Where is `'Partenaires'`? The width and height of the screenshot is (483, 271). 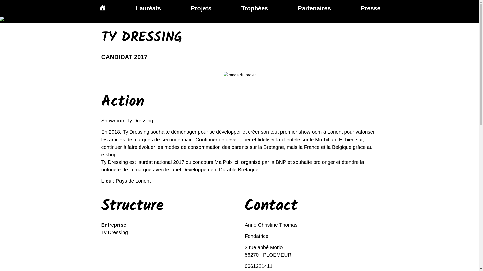
'Partenaires' is located at coordinates (298, 8).